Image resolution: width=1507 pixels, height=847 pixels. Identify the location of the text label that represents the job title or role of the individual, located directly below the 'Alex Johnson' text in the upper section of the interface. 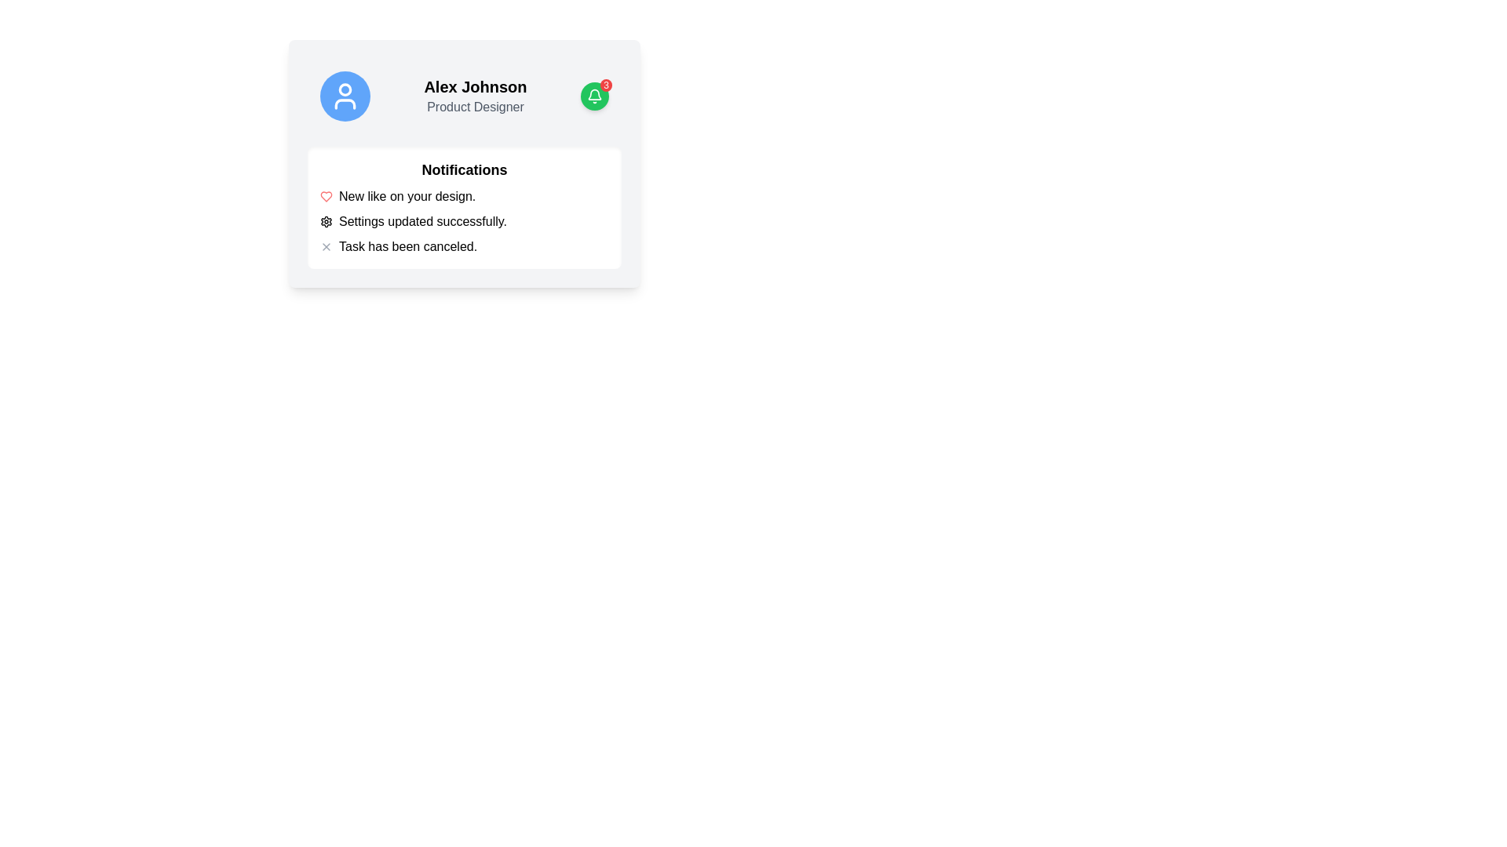
(474, 107).